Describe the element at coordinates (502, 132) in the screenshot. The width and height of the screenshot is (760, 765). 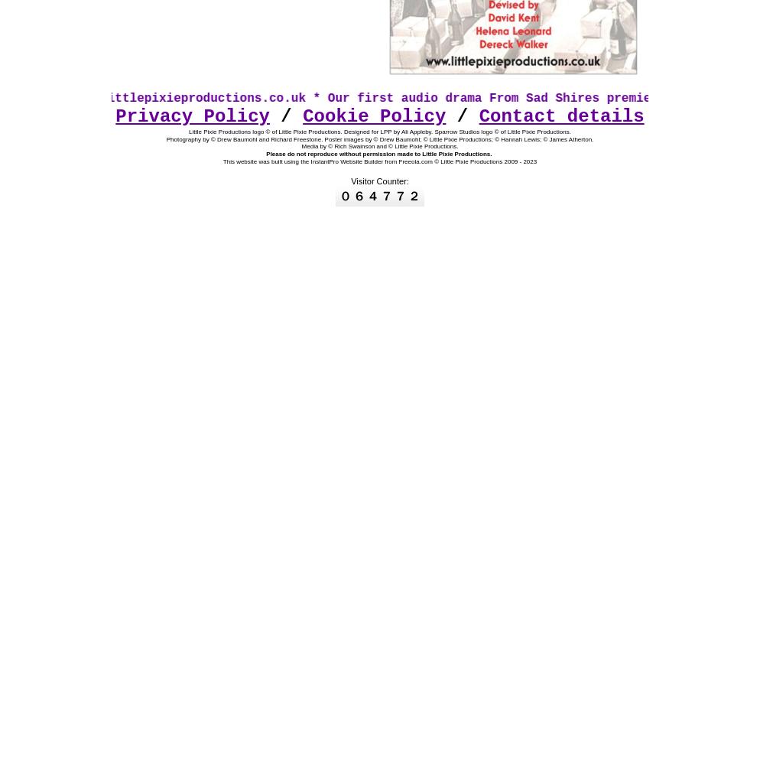
I see `'Sparrow Studios logo © of Little Pixie Productions.'` at that location.